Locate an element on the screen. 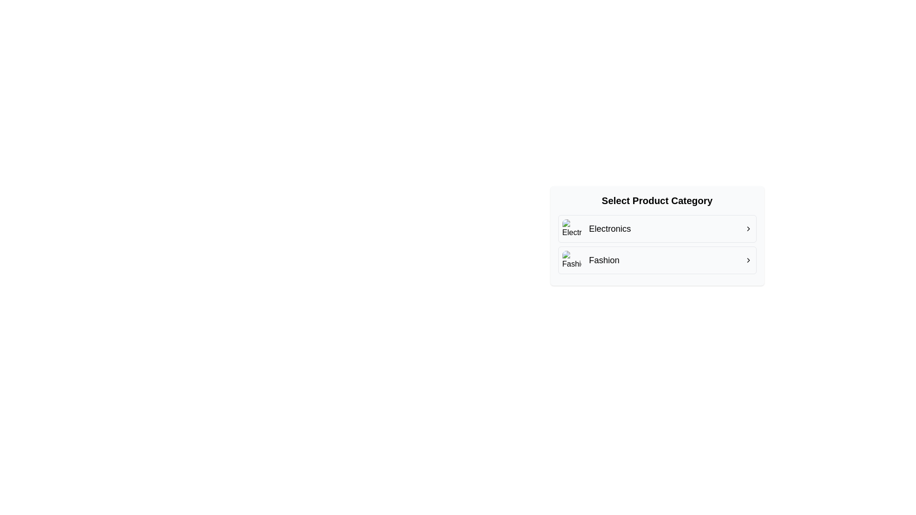 Image resolution: width=916 pixels, height=515 pixels. the 'Electronics' text label, which is styled with medium weight black font and positioned adjacent to a small icon and a rightward arrow icon is located at coordinates (609, 228).